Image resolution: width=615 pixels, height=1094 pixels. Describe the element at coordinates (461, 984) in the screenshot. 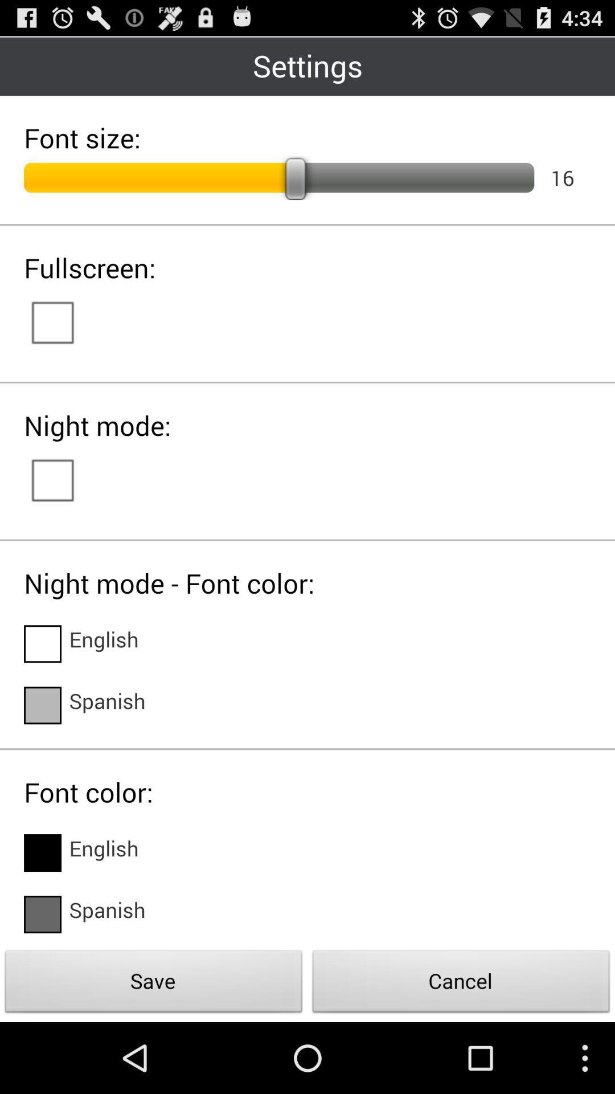

I see `the cancel` at that location.